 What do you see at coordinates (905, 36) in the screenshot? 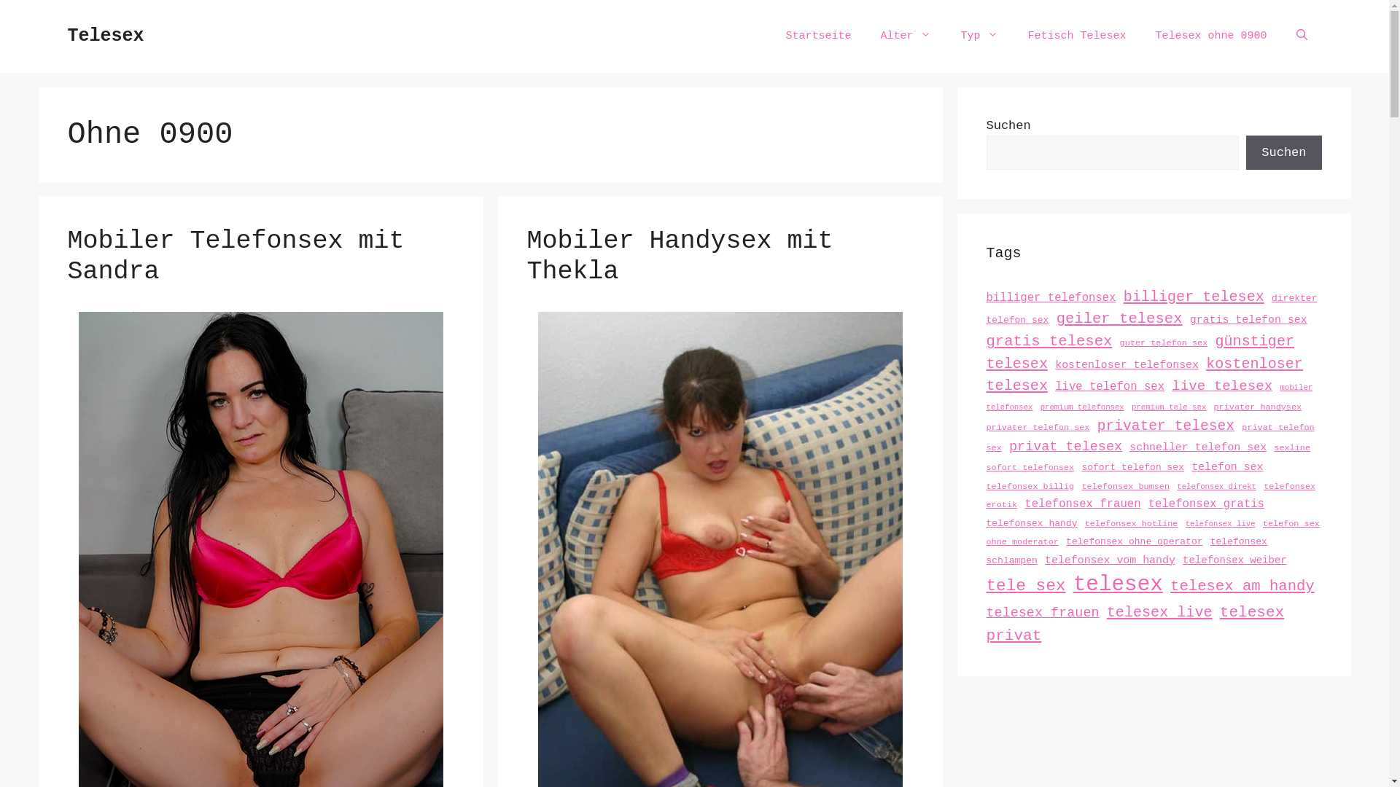
I see `'Alter'` at bounding box center [905, 36].